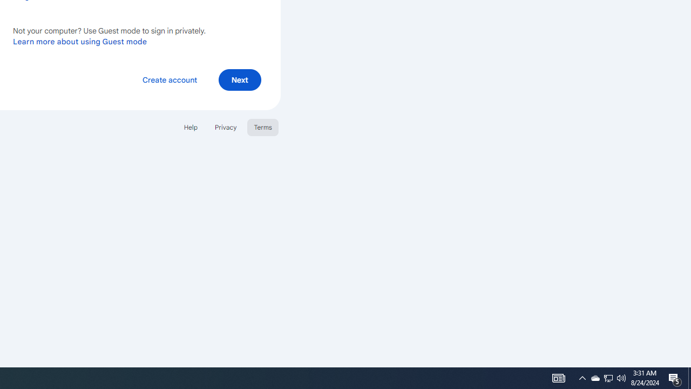 This screenshot has height=389, width=691. What do you see at coordinates (169, 79) in the screenshot?
I see `'Create account'` at bounding box center [169, 79].